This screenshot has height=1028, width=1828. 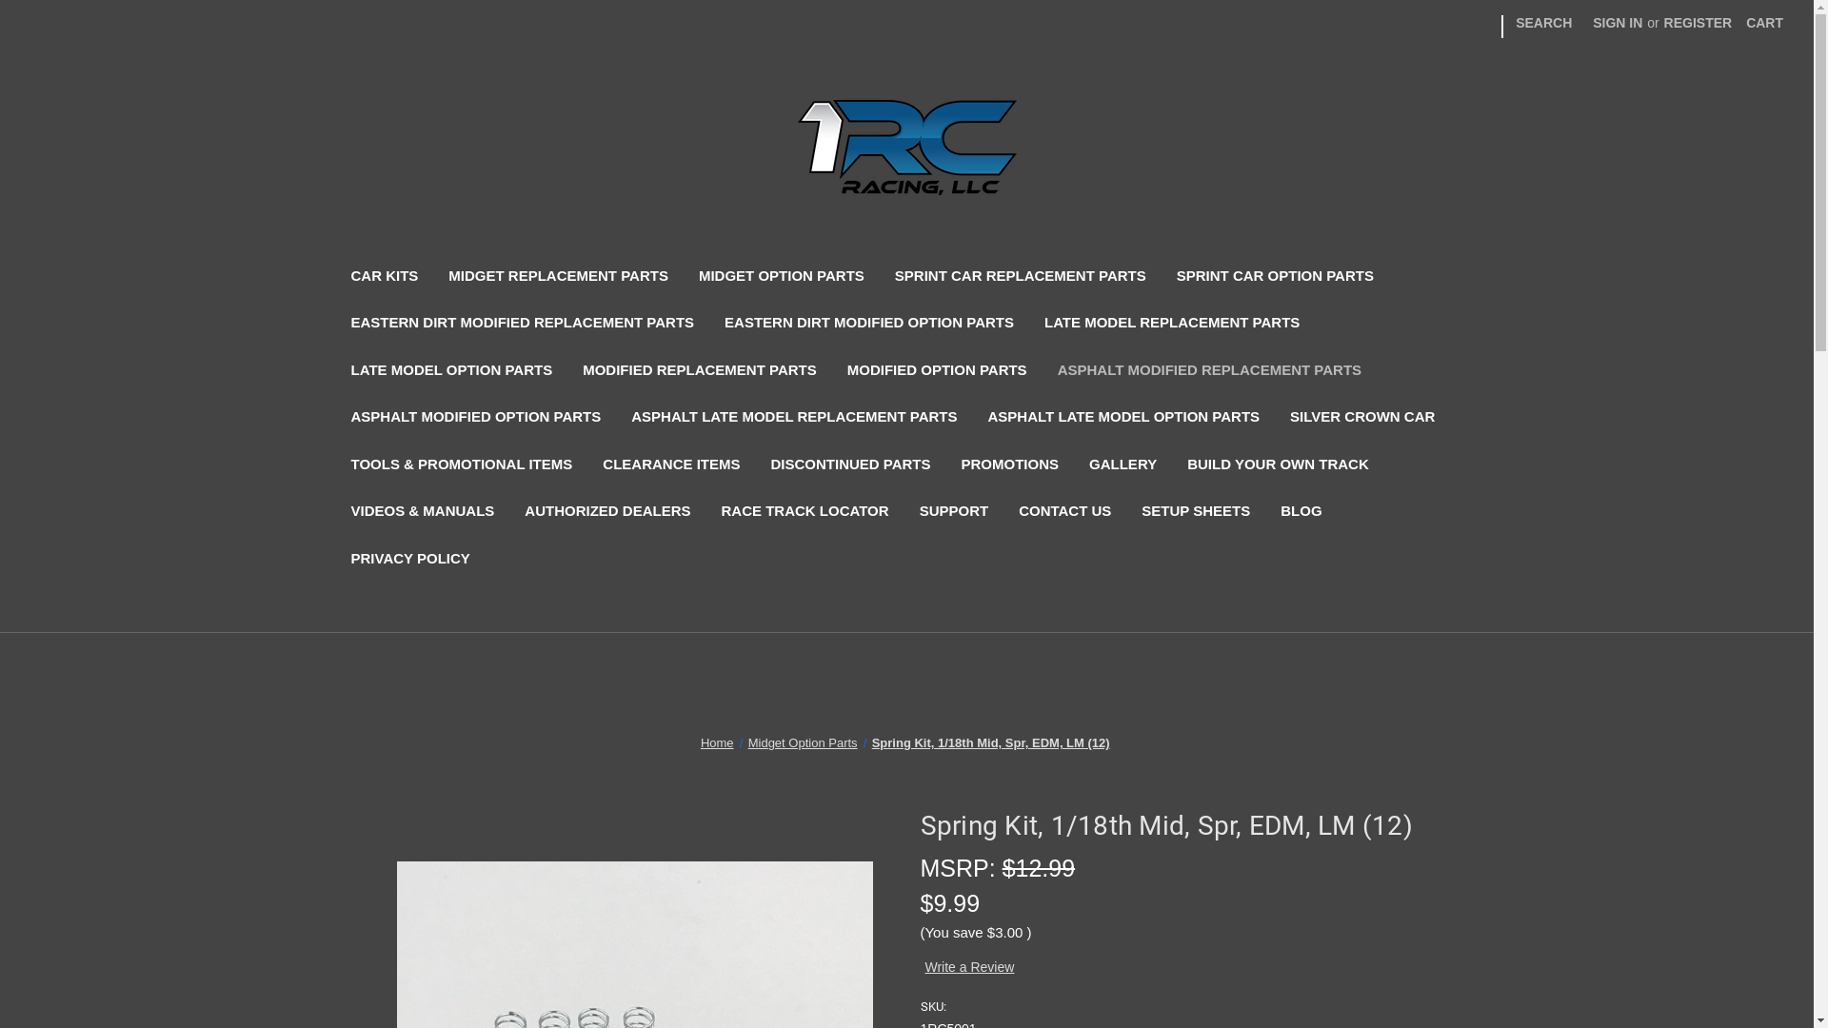 What do you see at coordinates (432, 278) in the screenshot?
I see `'MIDGET REPLACEMENT PARTS'` at bounding box center [432, 278].